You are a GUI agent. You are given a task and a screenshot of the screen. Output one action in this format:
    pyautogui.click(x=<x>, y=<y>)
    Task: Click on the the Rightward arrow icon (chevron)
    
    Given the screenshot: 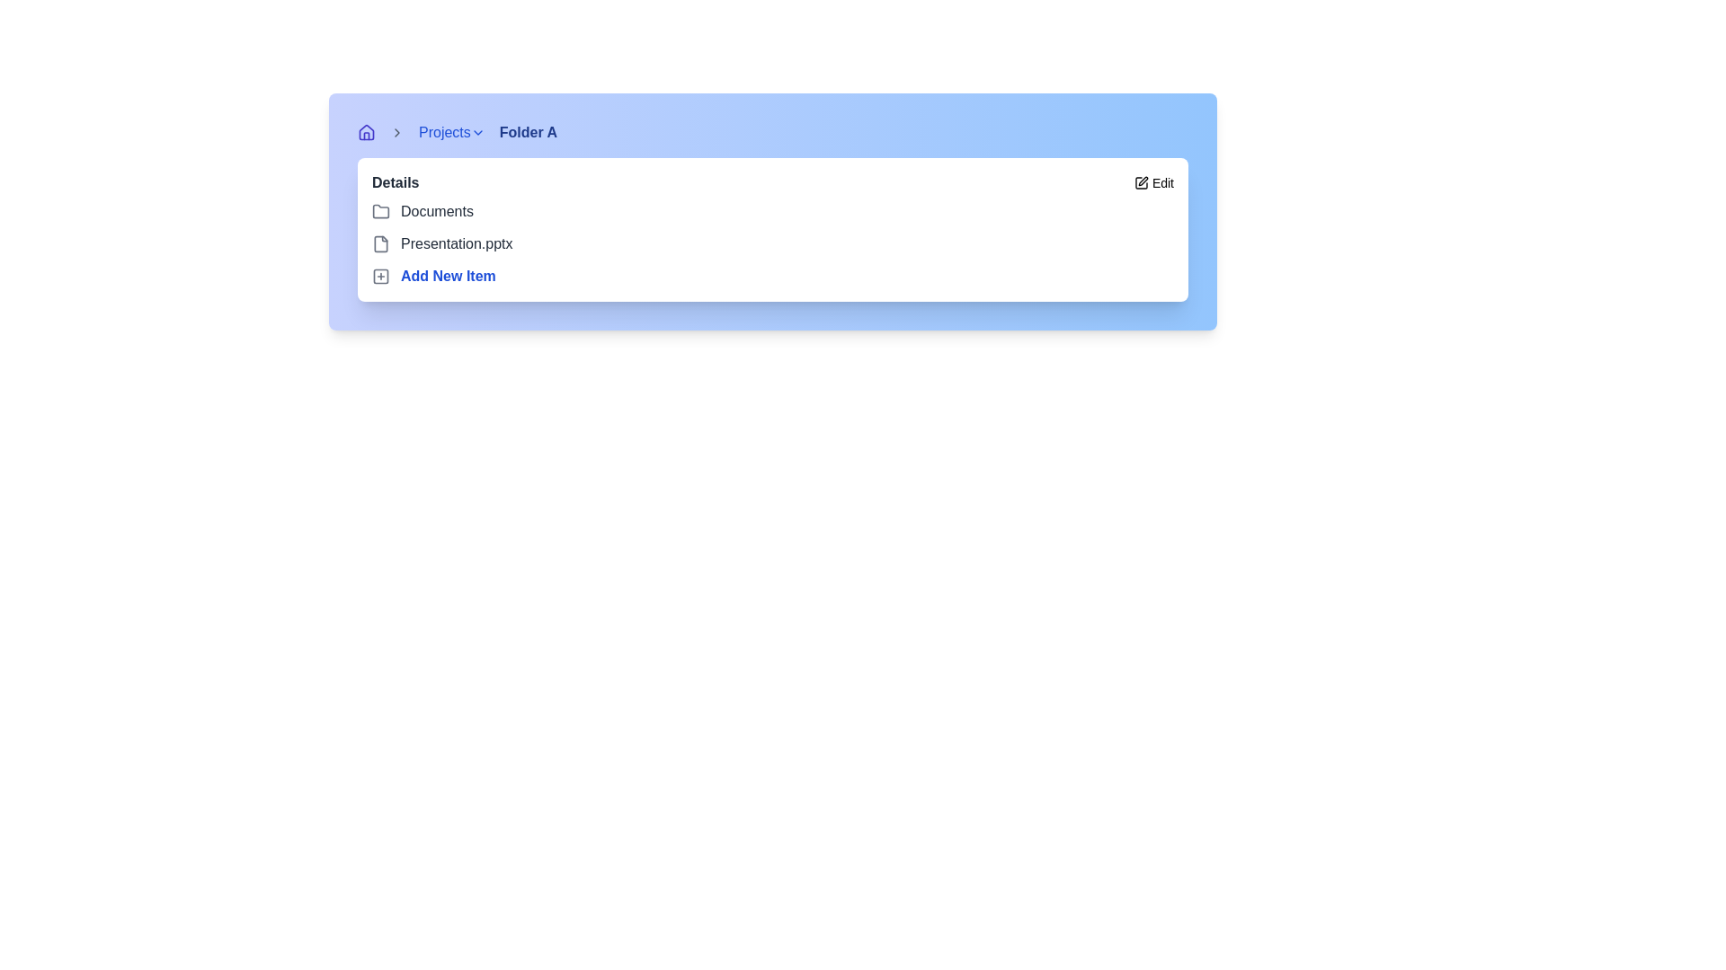 What is the action you would take?
    pyautogui.click(x=477, y=131)
    